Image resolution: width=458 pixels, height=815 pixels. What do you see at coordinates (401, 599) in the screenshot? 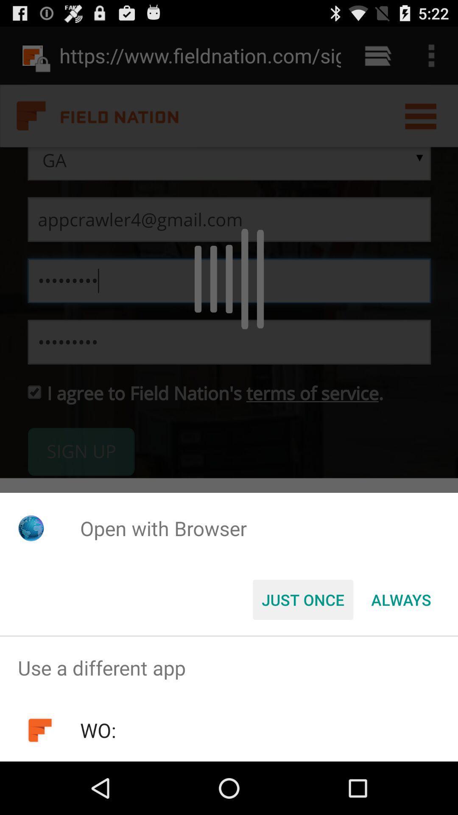
I see `item at the bottom right corner` at bounding box center [401, 599].